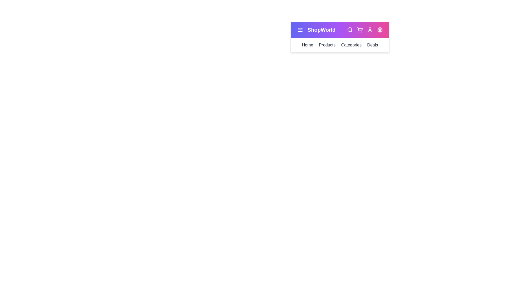  Describe the element at coordinates (300, 30) in the screenshot. I see `the menu icon to toggle the settings menu visibility` at that location.